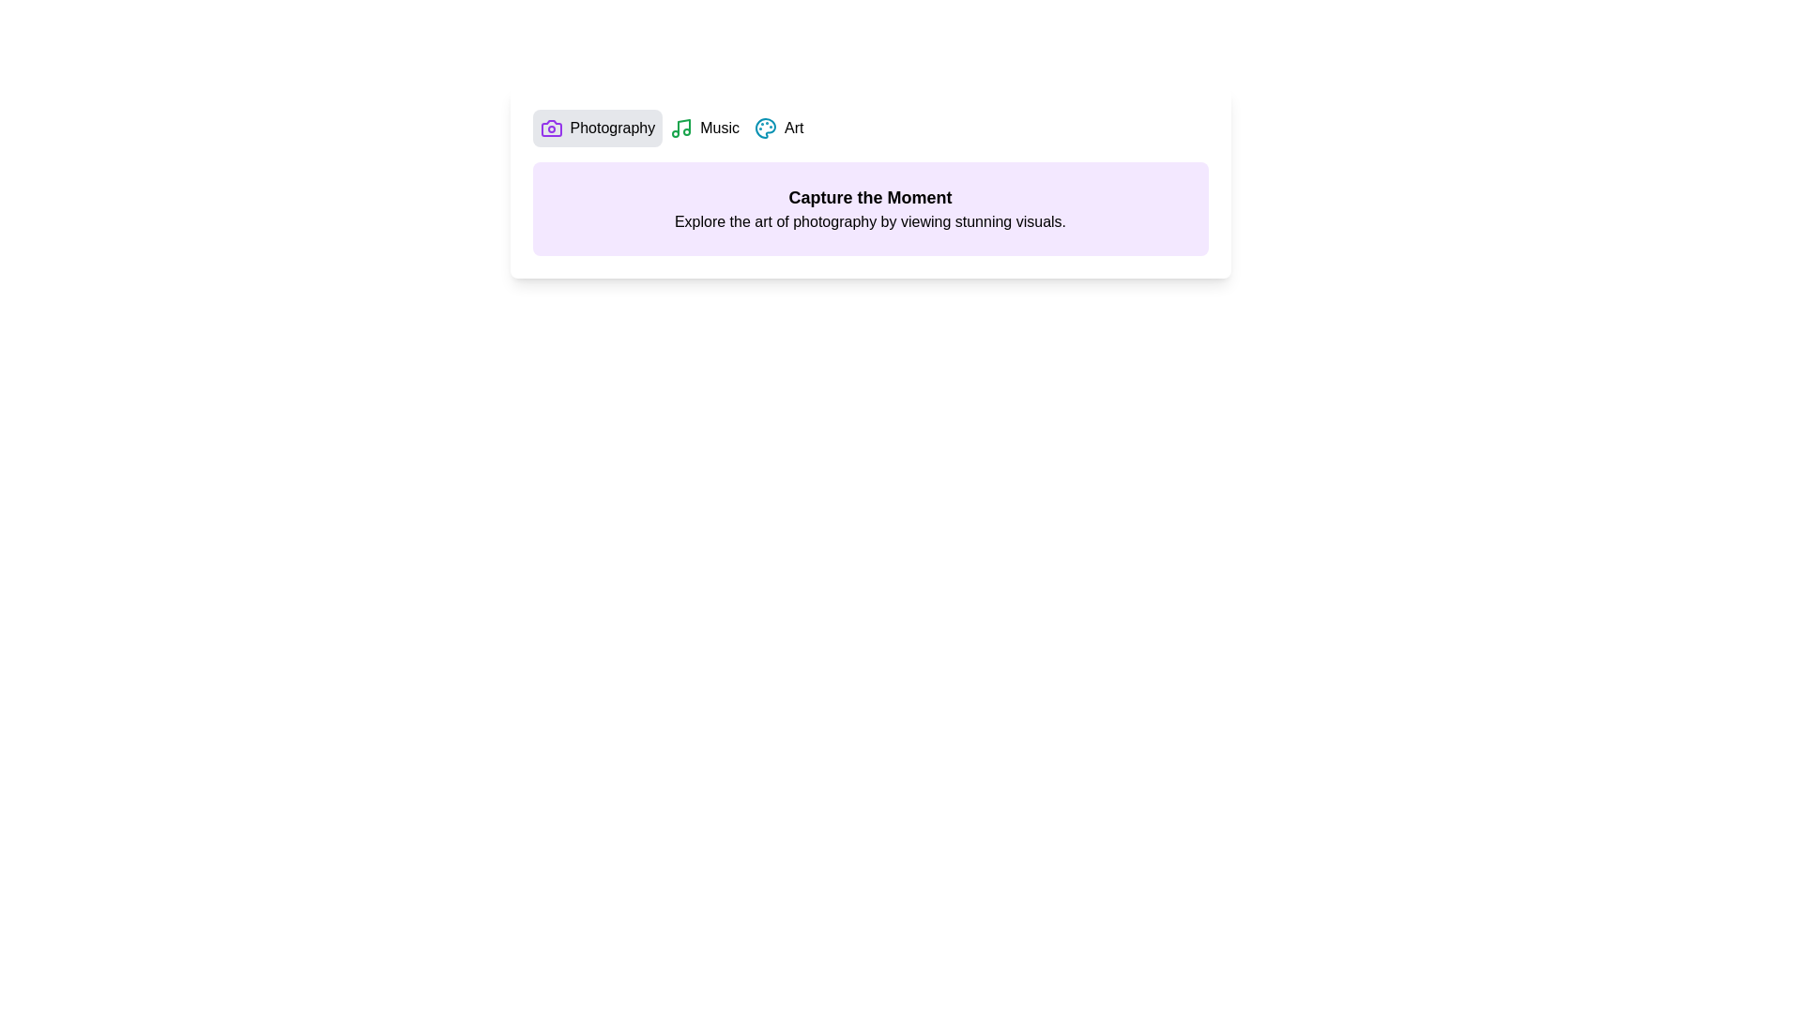 The image size is (1802, 1013). I want to click on the icon next to the tab Music to inspect its functionality, so click(680, 128).